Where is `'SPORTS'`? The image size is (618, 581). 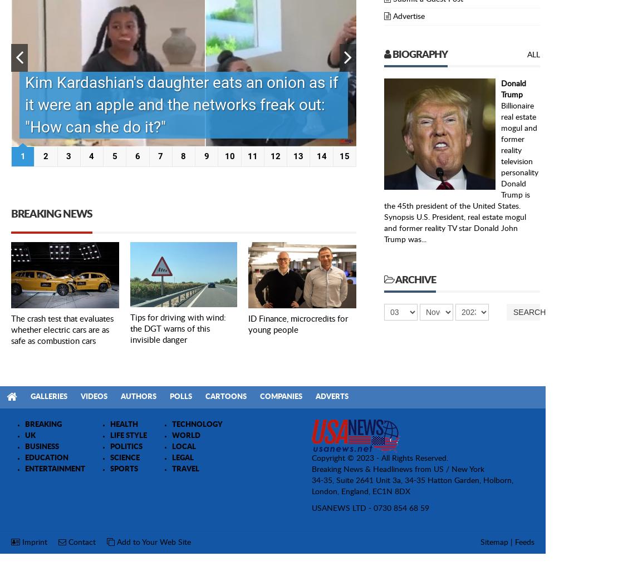
'SPORTS' is located at coordinates (124, 468).